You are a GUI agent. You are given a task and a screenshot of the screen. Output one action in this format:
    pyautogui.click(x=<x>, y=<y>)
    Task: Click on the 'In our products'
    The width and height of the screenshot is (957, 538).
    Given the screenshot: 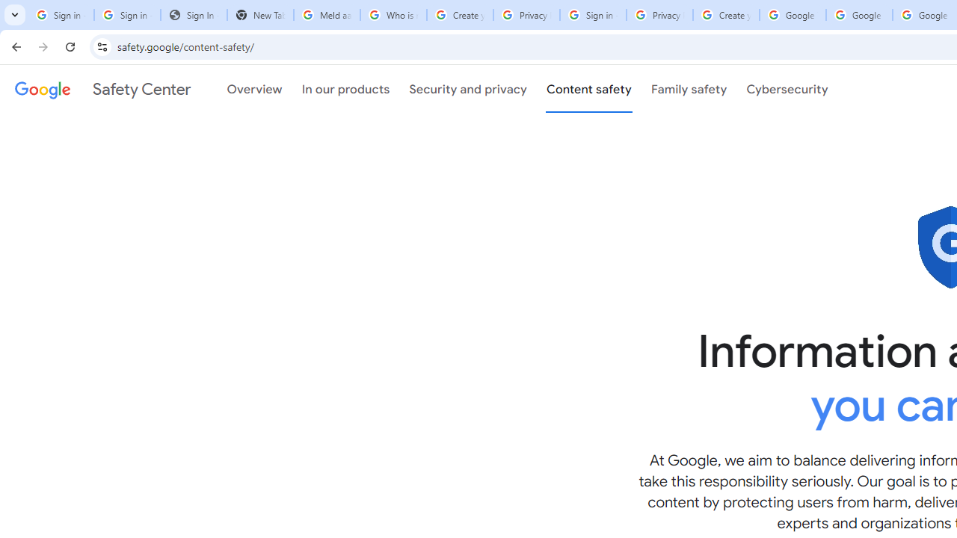 What is the action you would take?
    pyautogui.click(x=345, y=89)
    